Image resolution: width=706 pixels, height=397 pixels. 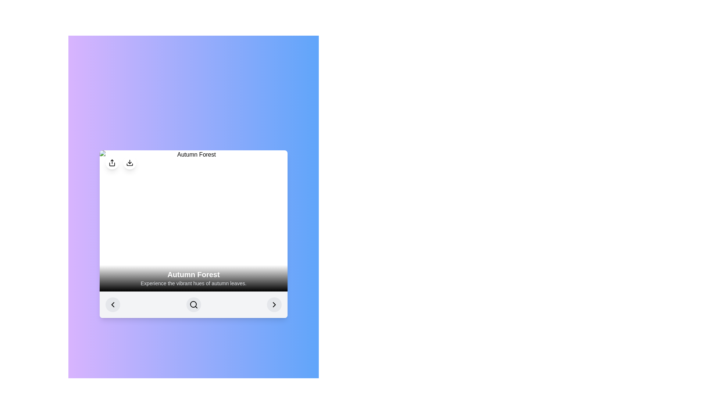 What do you see at coordinates (193, 283) in the screenshot?
I see `the text label displaying 'Experience the vibrant hues of autumn leaves.' which is centered below the 'Autumn Forest' text and has a gray color on a black-to-transparent gradient background` at bounding box center [193, 283].